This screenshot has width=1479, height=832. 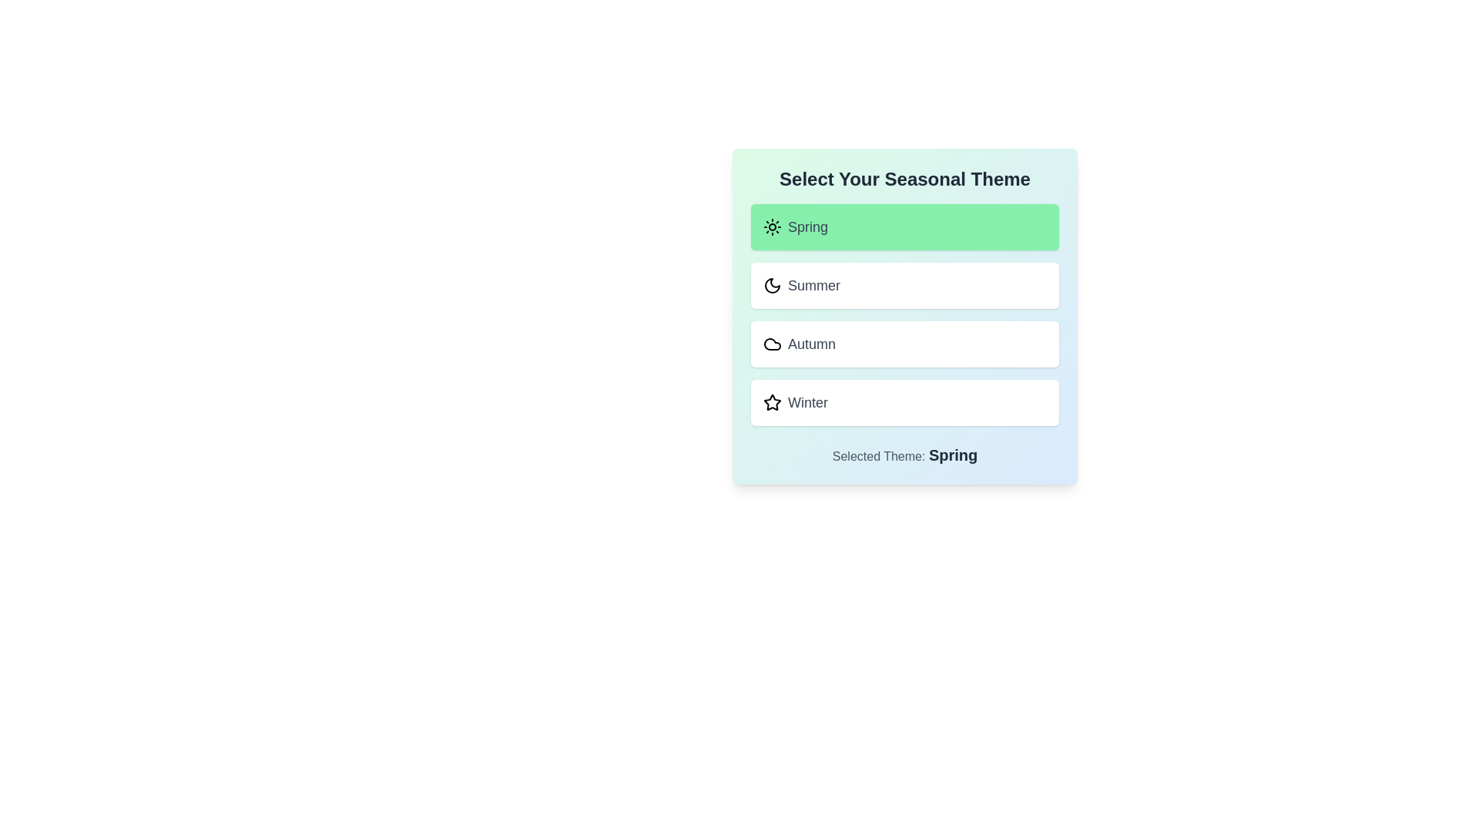 What do you see at coordinates (905, 226) in the screenshot?
I see `the theme Spring from the list` at bounding box center [905, 226].